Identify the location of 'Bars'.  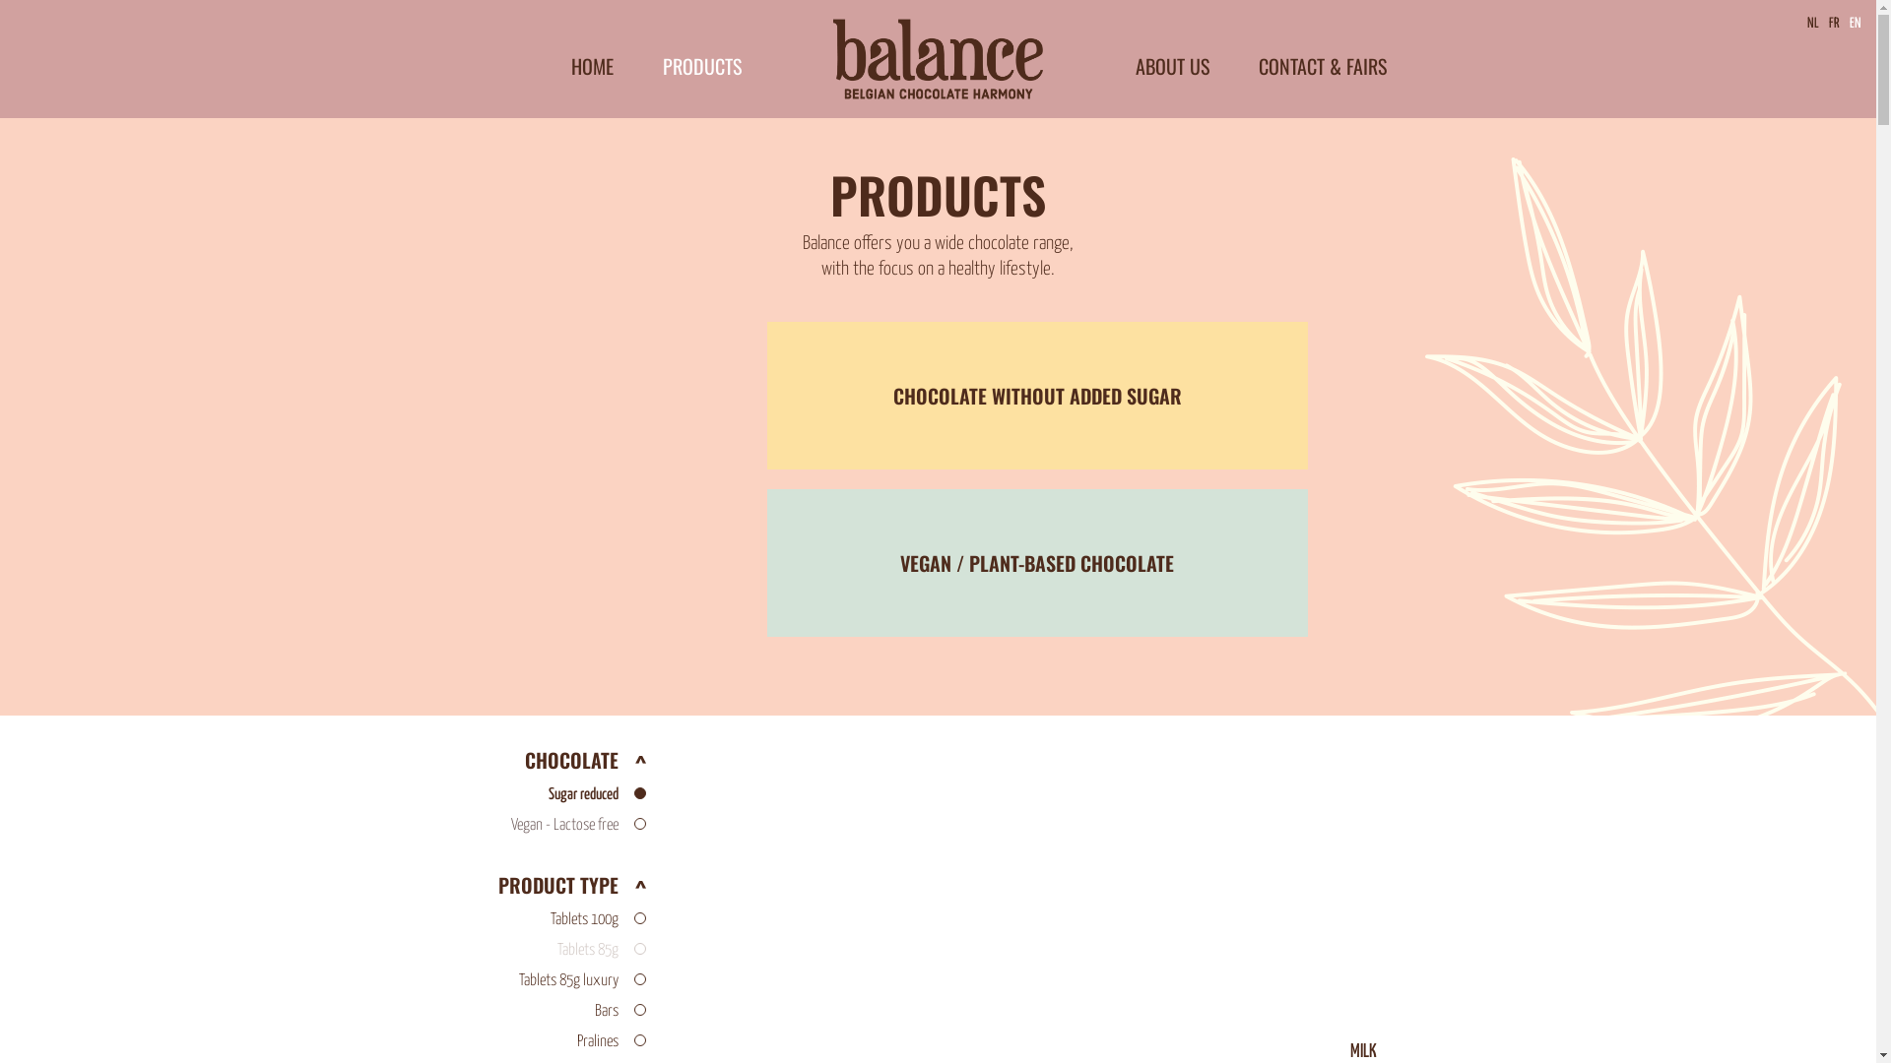
(516, 1011).